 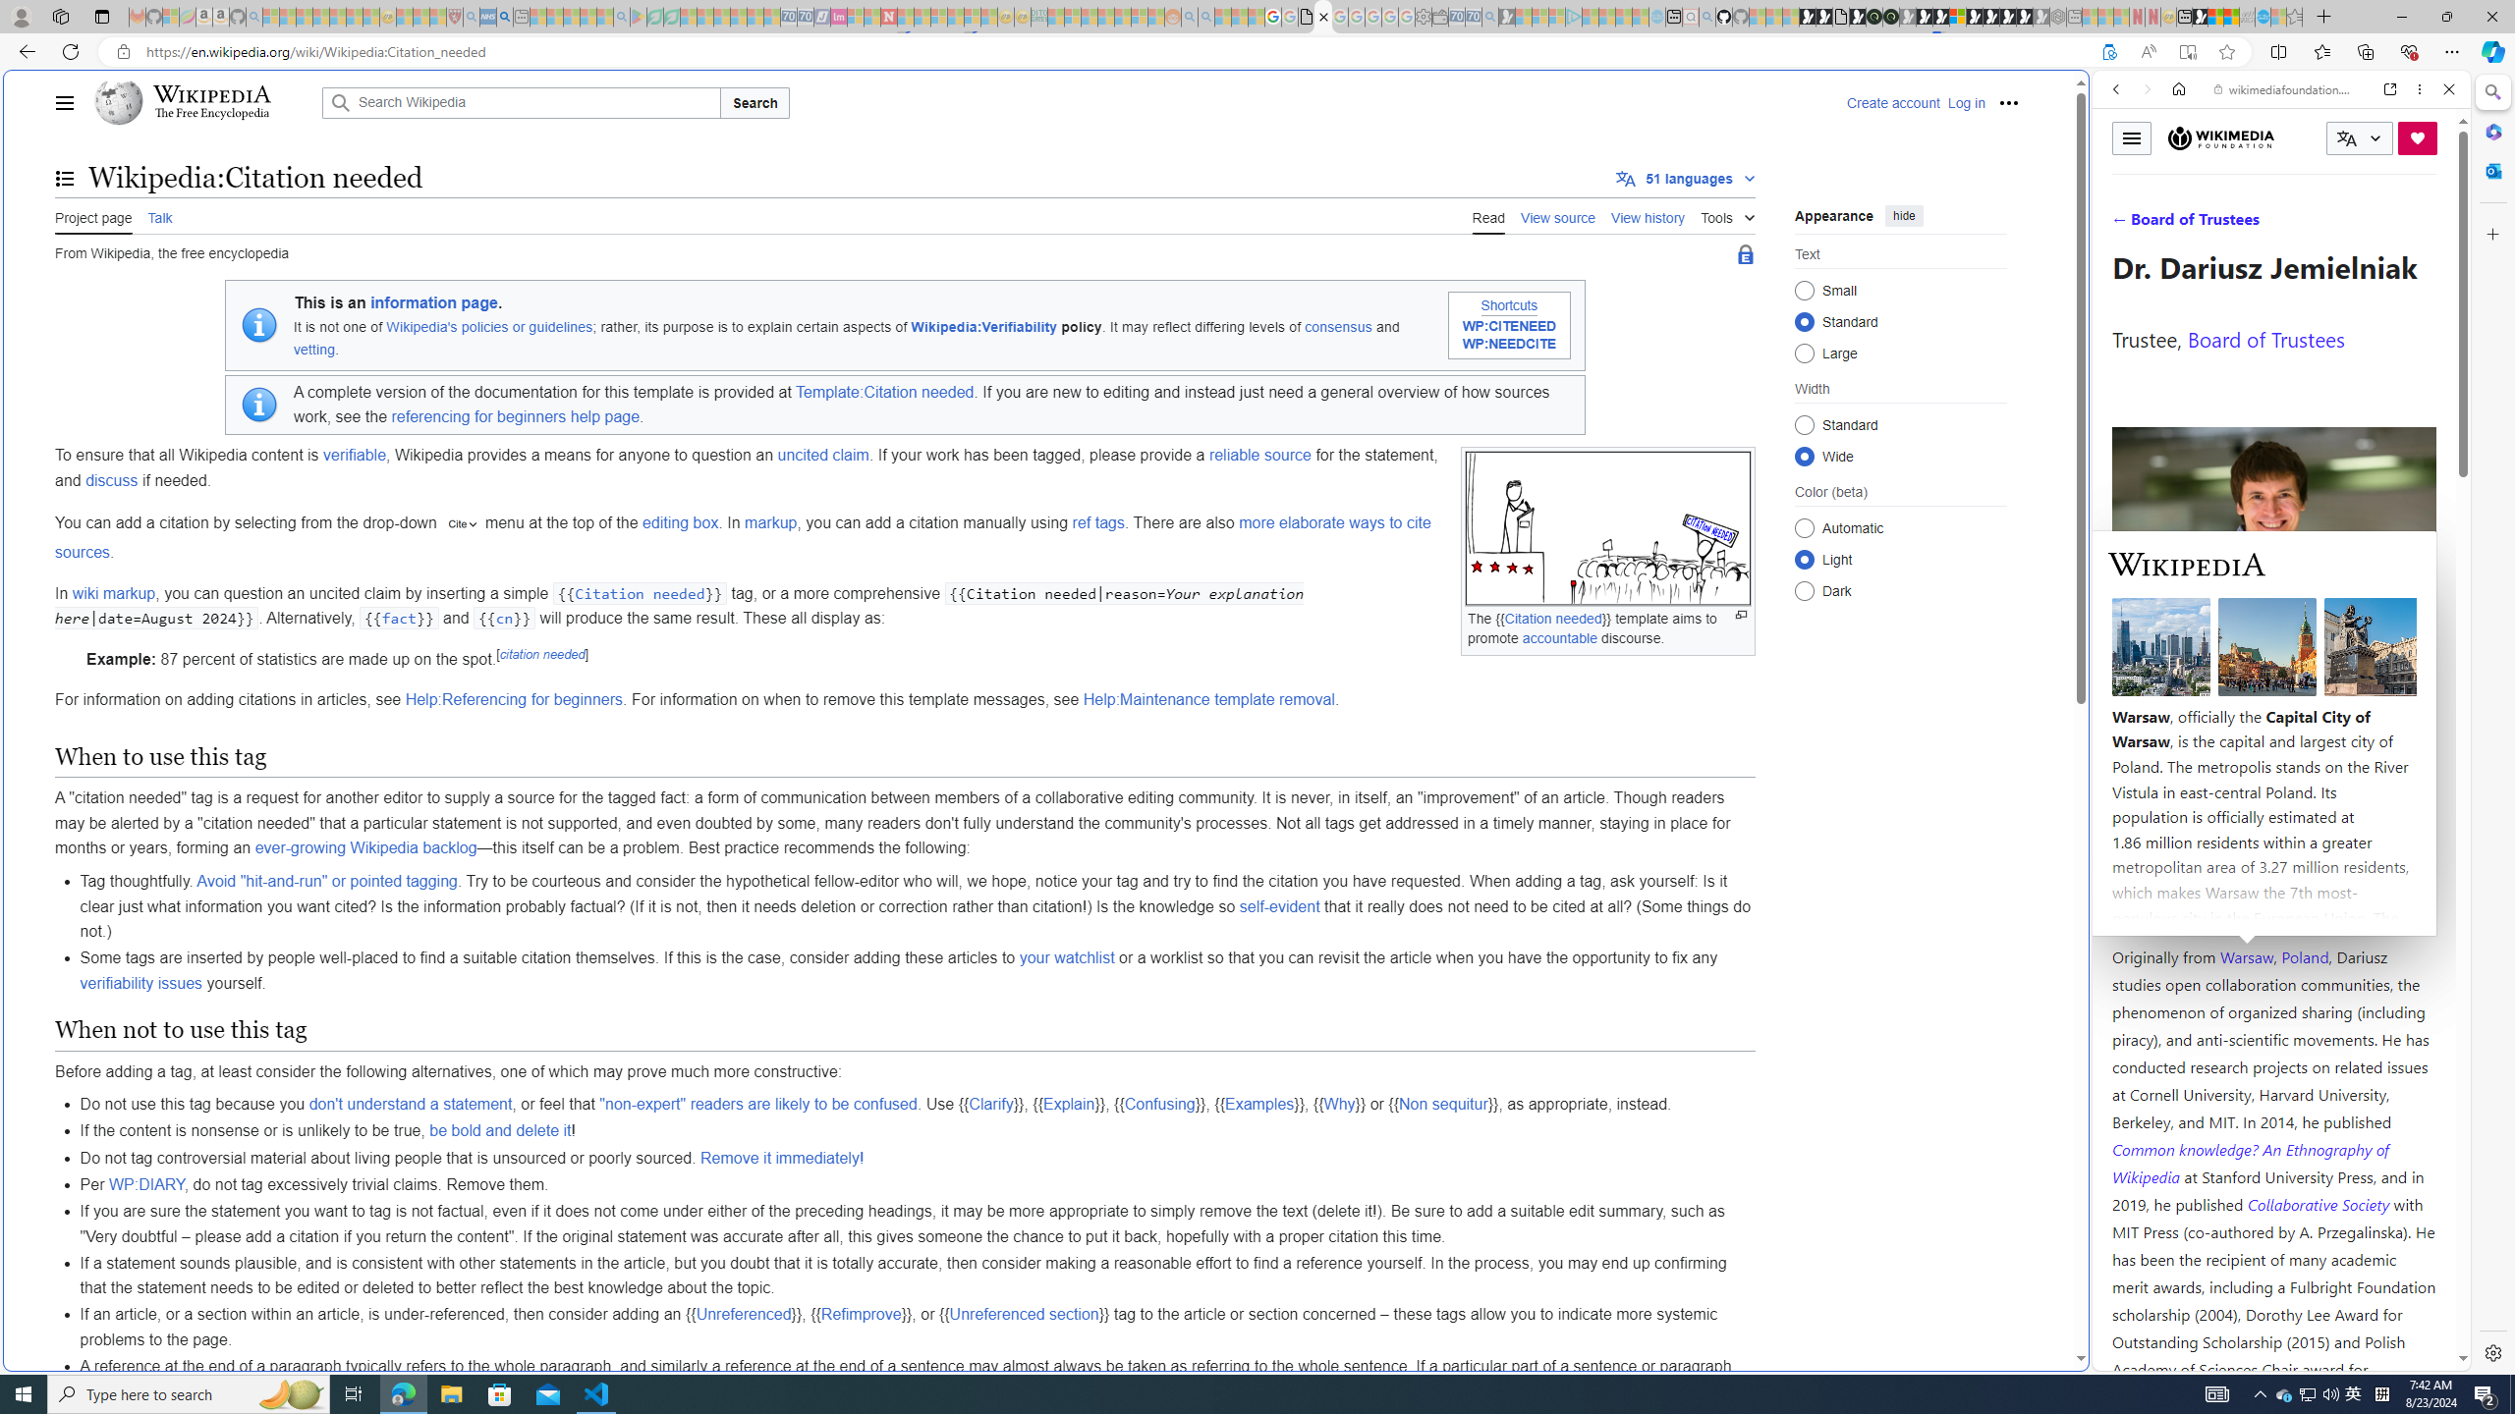 What do you see at coordinates (504, 618) in the screenshot?
I see `'cn'` at bounding box center [504, 618].